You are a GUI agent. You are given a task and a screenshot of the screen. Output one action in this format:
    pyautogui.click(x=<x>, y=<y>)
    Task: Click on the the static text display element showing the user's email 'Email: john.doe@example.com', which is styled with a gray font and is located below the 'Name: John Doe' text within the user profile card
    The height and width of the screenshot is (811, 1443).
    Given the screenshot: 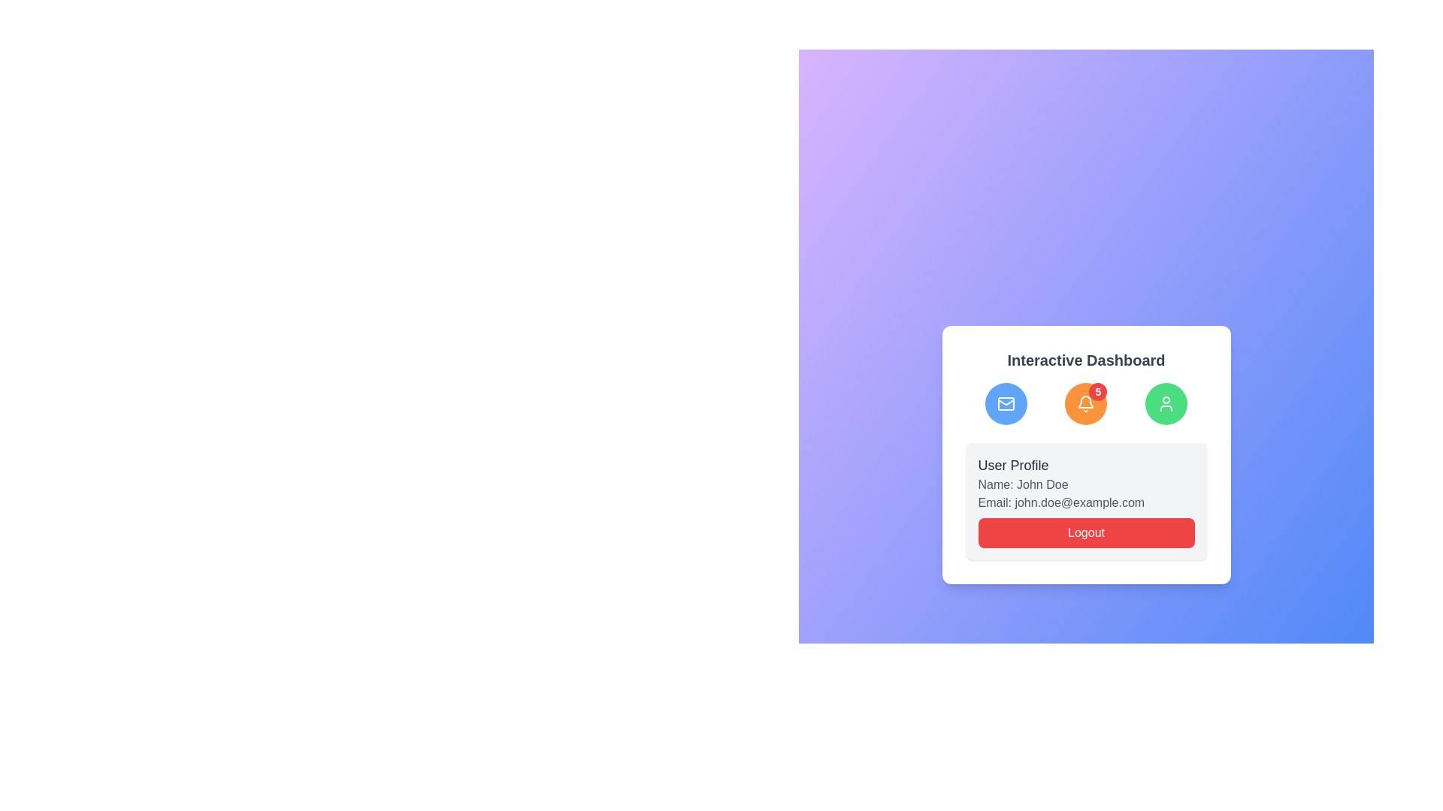 What is the action you would take?
    pyautogui.click(x=1086, y=503)
    